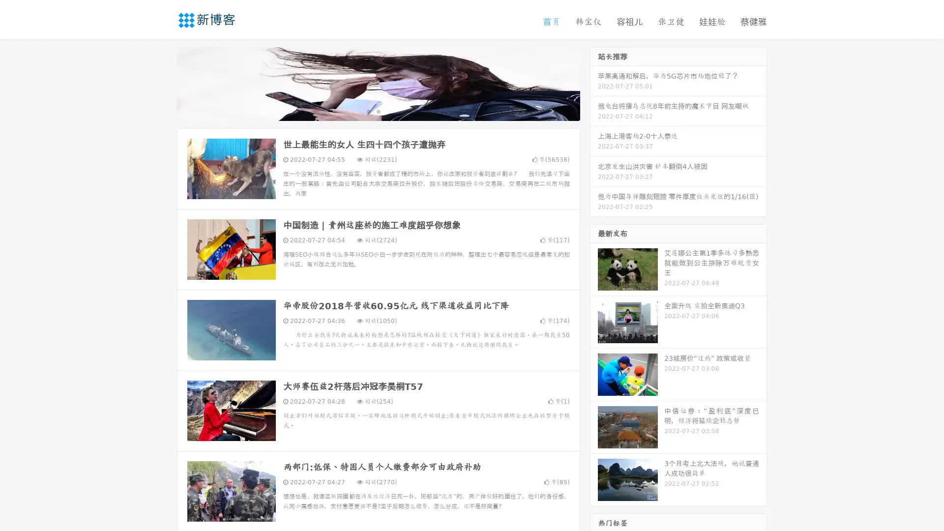 Image resolution: width=944 pixels, height=531 pixels. Describe the element at coordinates (378, 111) in the screenshot. I see `Go to slide 2` at that location.